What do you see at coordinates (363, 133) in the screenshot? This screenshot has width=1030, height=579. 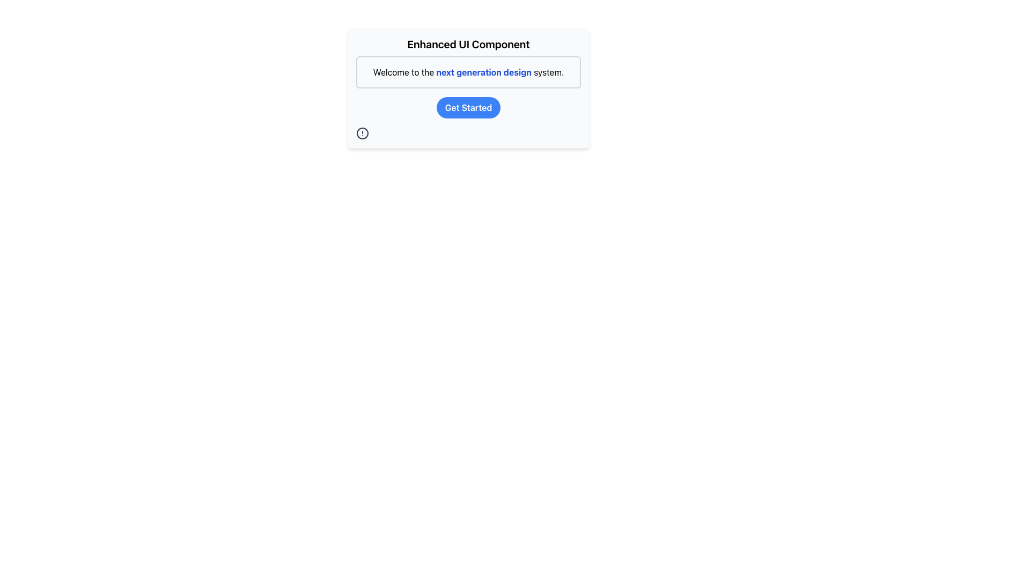 I see `the decorative or status-indicating icon located in the bottom-left corner of the card or widget, which has an outlined circular design` at bounding box center [363, 133].